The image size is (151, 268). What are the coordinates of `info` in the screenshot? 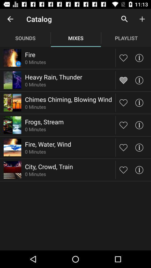 It's located at (139, 102).